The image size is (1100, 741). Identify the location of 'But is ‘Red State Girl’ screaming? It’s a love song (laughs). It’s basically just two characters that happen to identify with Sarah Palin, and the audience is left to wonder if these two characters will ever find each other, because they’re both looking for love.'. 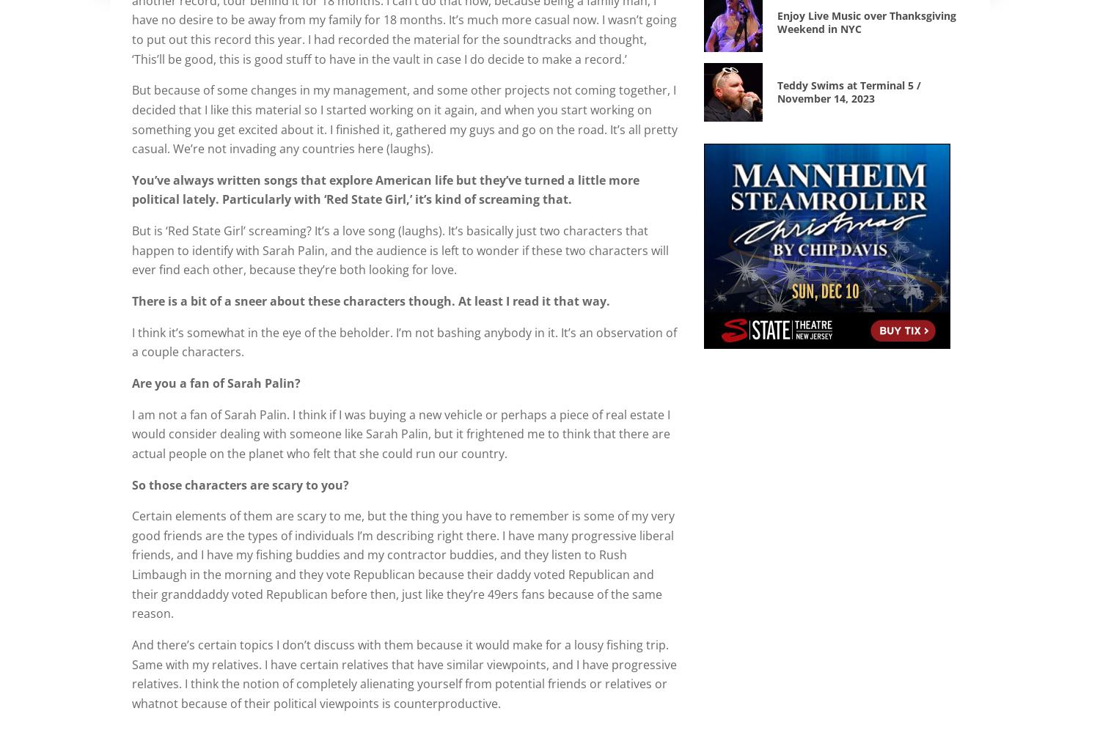
(132, 249).